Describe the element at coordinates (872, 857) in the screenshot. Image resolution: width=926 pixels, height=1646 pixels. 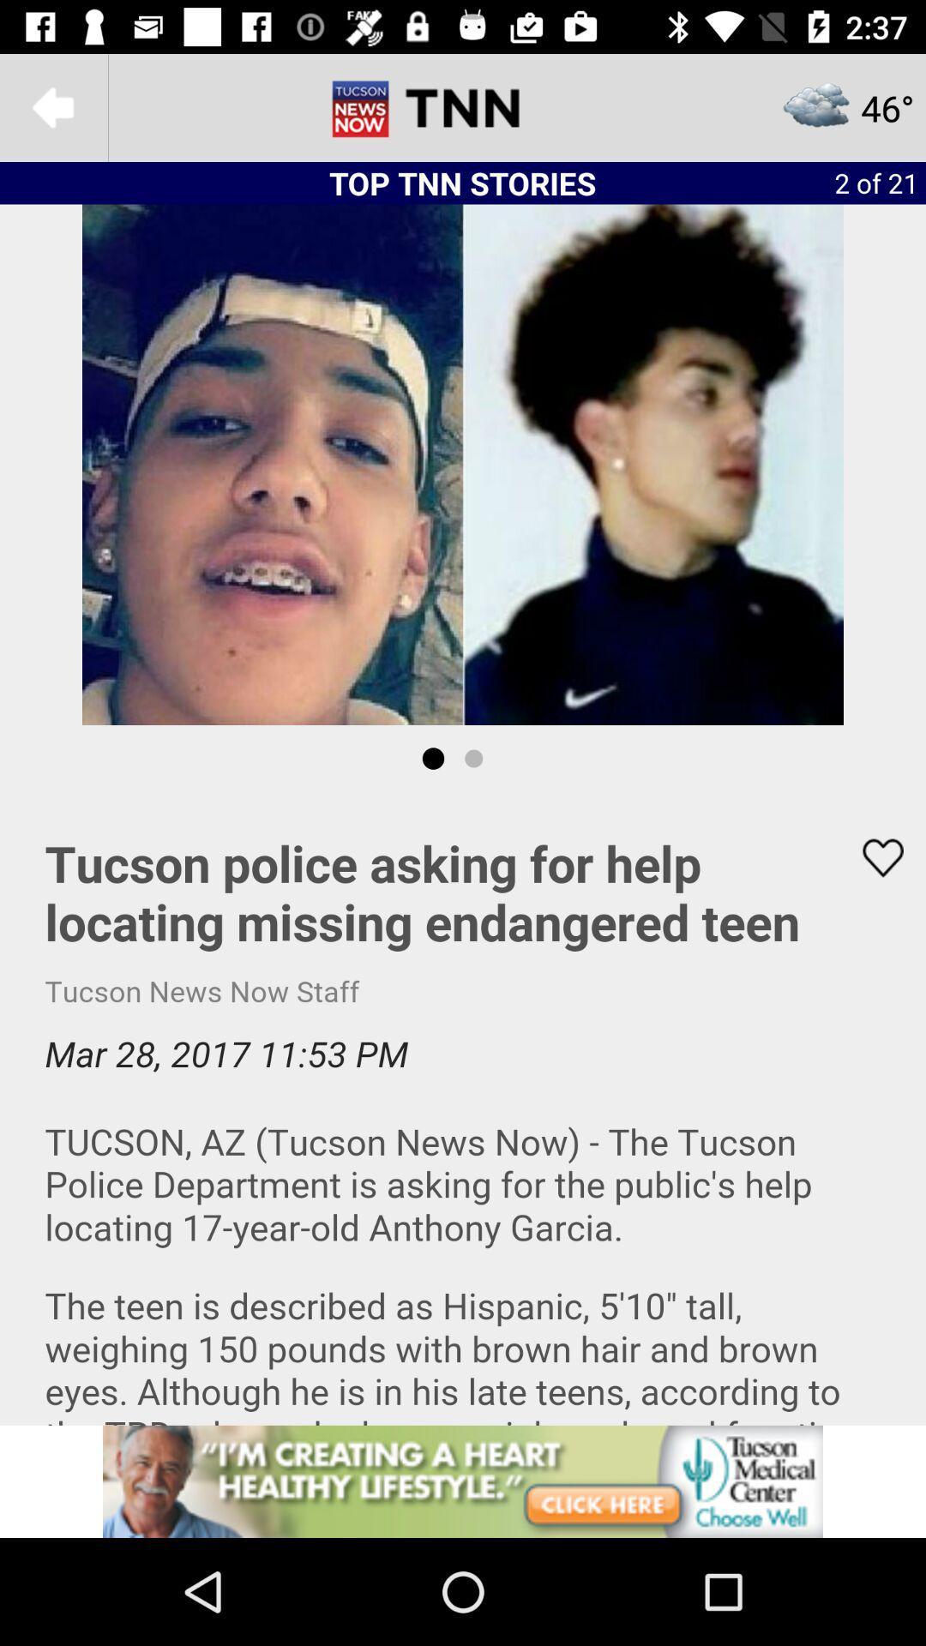
I see `the favorite icon` at that location.